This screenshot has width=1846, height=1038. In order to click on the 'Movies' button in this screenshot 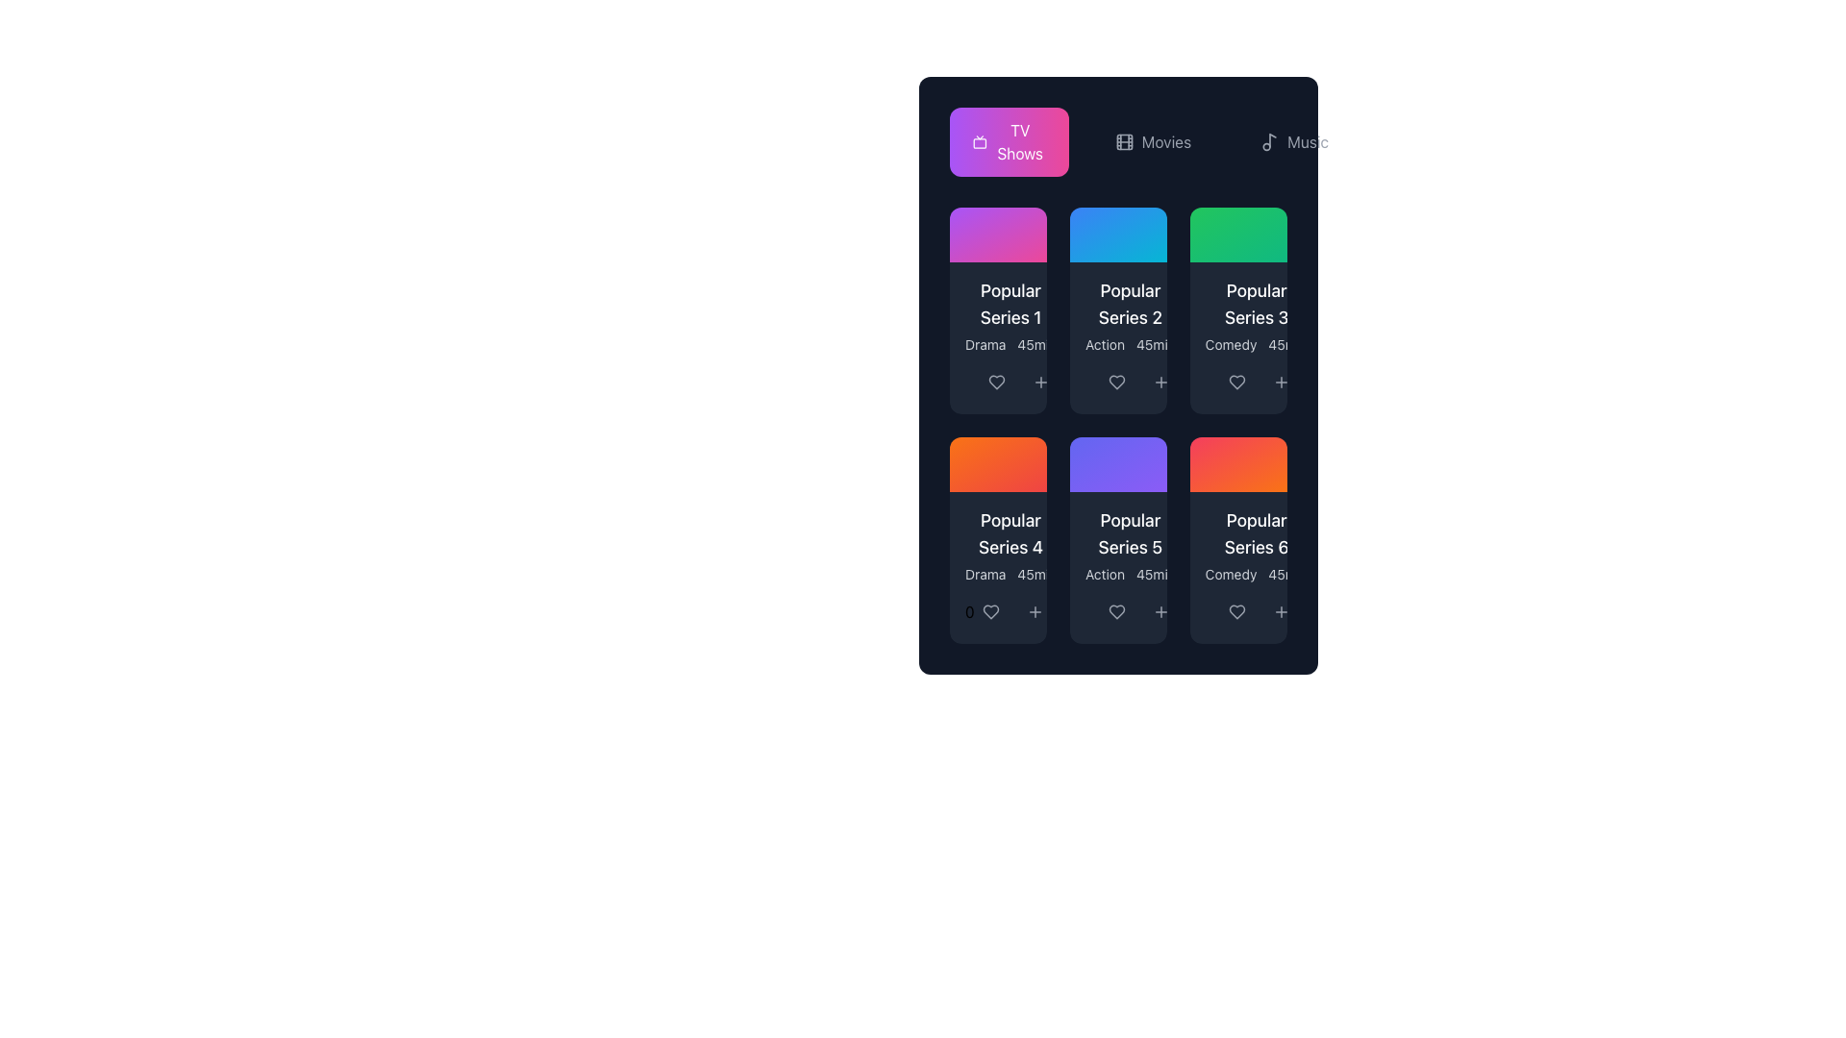, I will do `click(1118, 140)`.